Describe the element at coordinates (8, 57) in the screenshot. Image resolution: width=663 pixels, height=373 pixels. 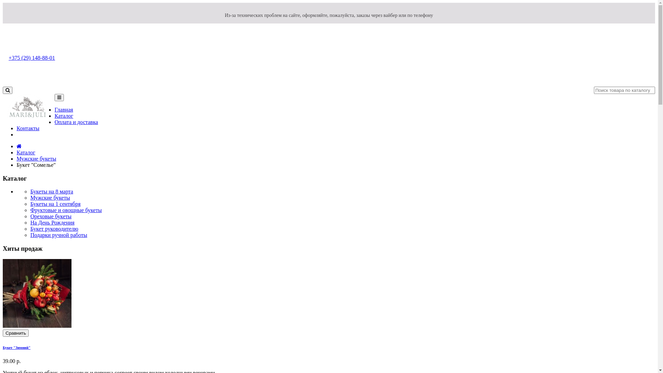
I see `'+375 (29) 148-88-01'` at that location.